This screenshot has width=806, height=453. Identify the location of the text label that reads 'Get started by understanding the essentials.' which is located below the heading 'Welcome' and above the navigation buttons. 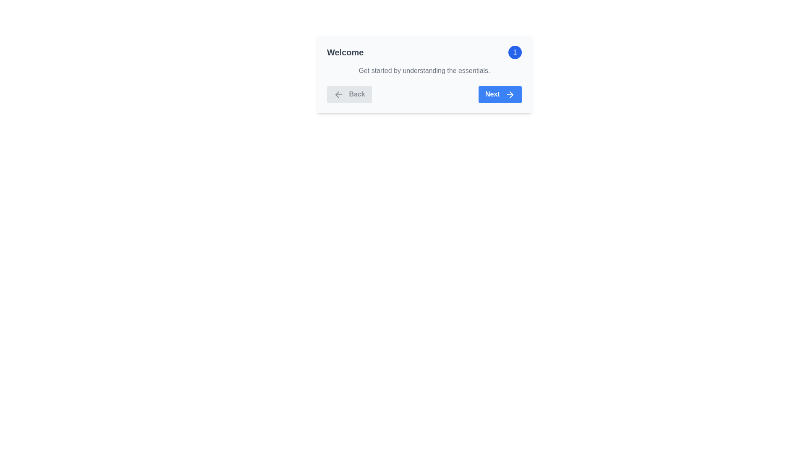
(424, 70).